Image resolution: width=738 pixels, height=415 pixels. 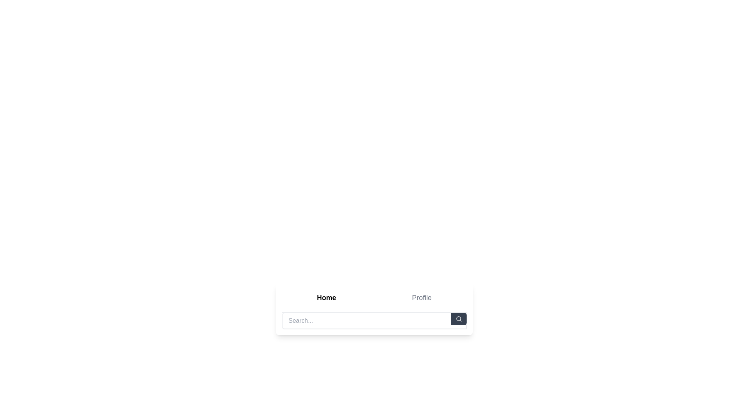 What do you see at coordinates (459, 319) in the screenshot?
I see `the minimalist white magnifying glass icon located within the dark gray rectangular button at the far-right end of the input box section to initiate a search` at bounding box center [459, 319].